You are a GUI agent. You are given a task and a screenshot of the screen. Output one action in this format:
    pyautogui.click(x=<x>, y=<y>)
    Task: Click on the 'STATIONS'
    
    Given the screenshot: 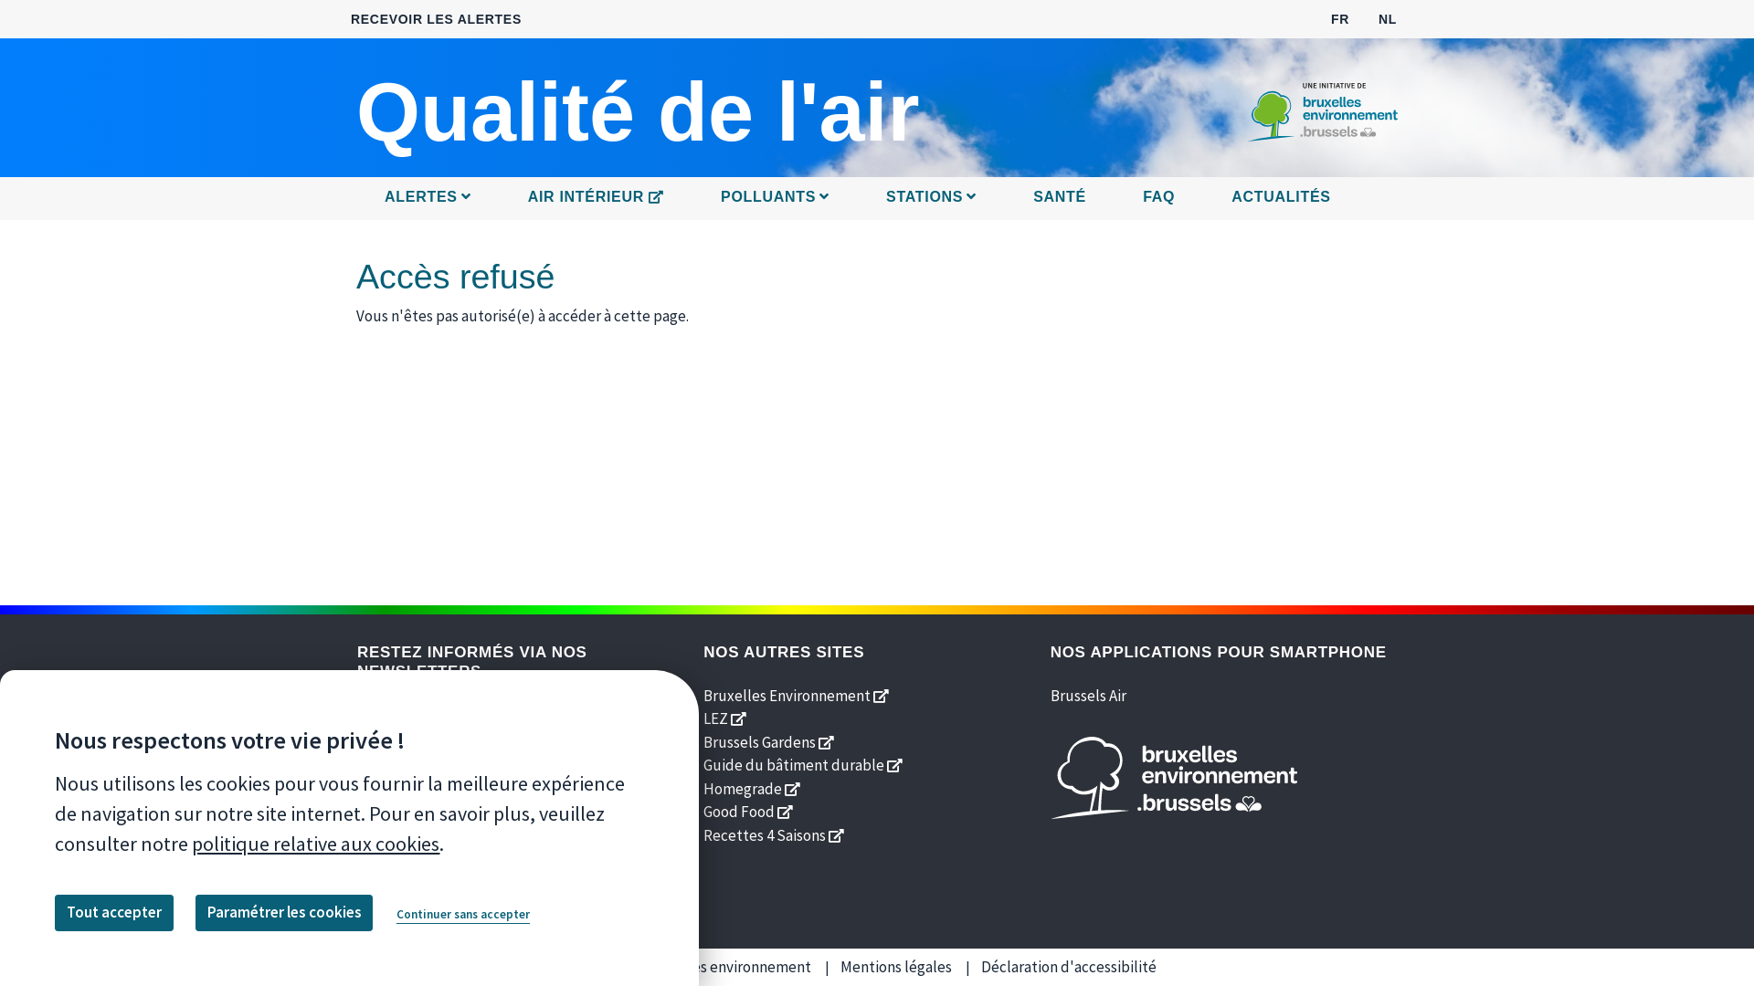 What is the action you would take?
    pyautogui.click(x=931, y=198)
    